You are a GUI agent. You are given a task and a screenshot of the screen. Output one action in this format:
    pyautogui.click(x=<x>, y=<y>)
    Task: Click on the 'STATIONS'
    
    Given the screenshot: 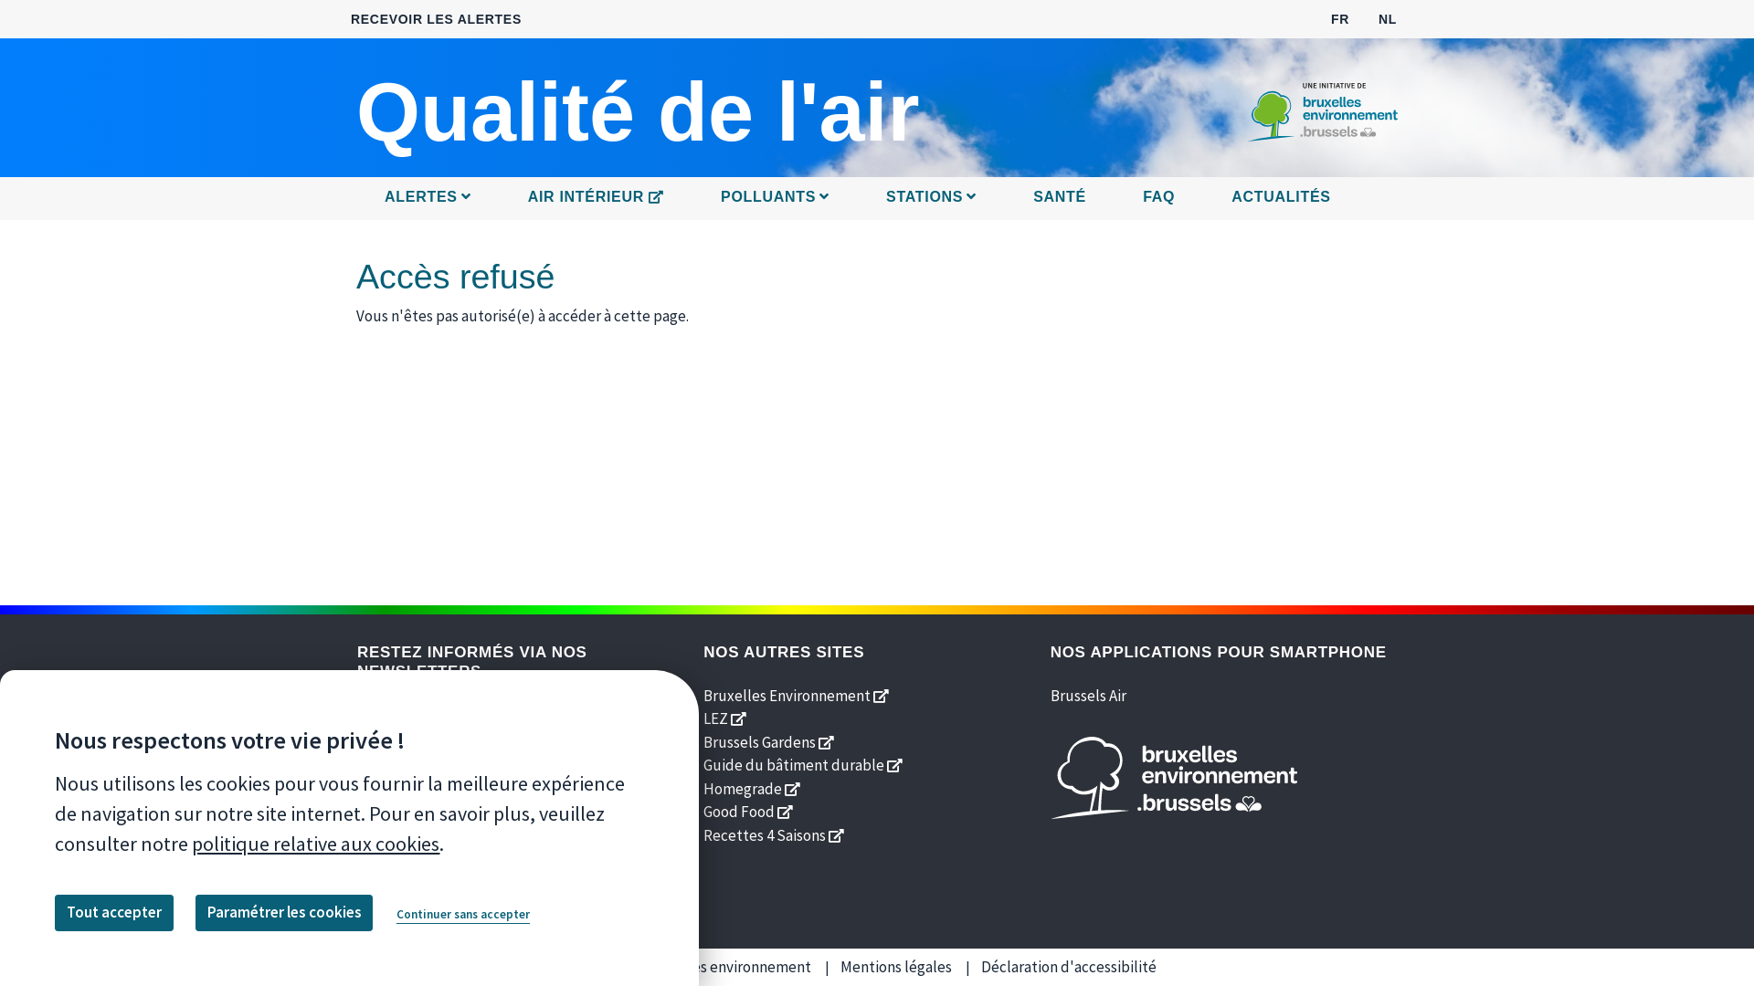 What is the action you would take?
    pyautogui.click(x=931, y=198)
    